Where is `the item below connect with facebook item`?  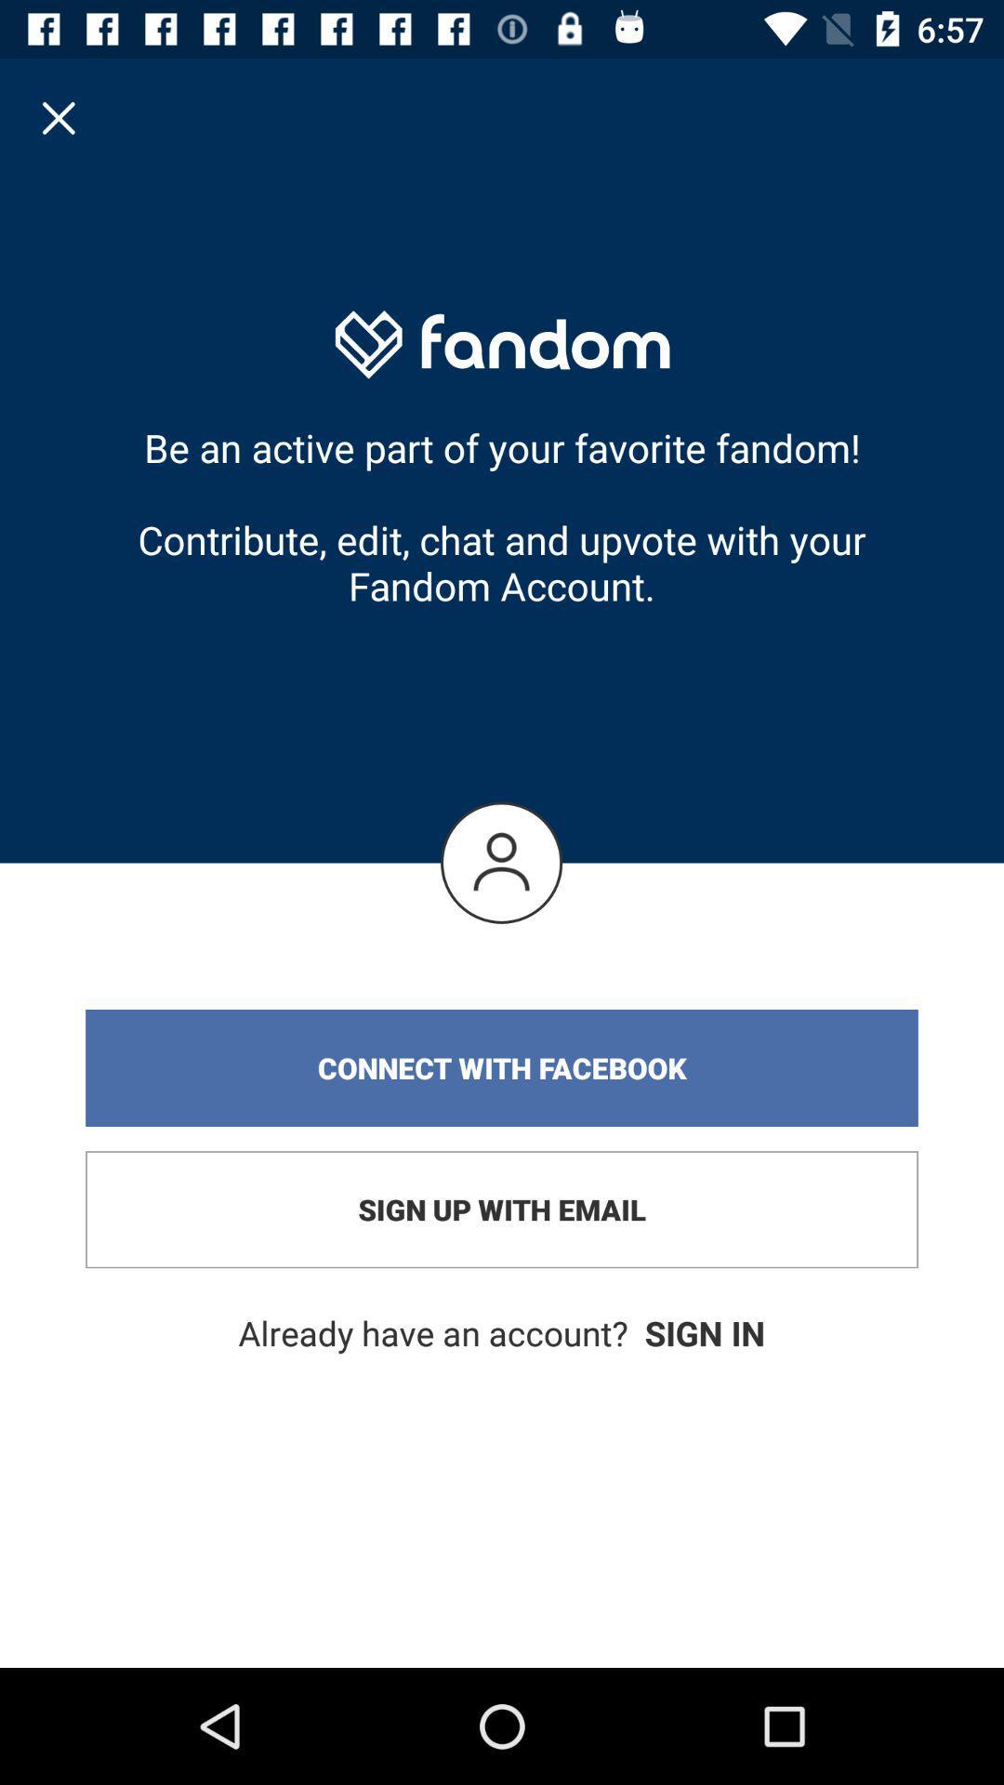
the item below connect with facebook item is located at coordinates (502, 1210).